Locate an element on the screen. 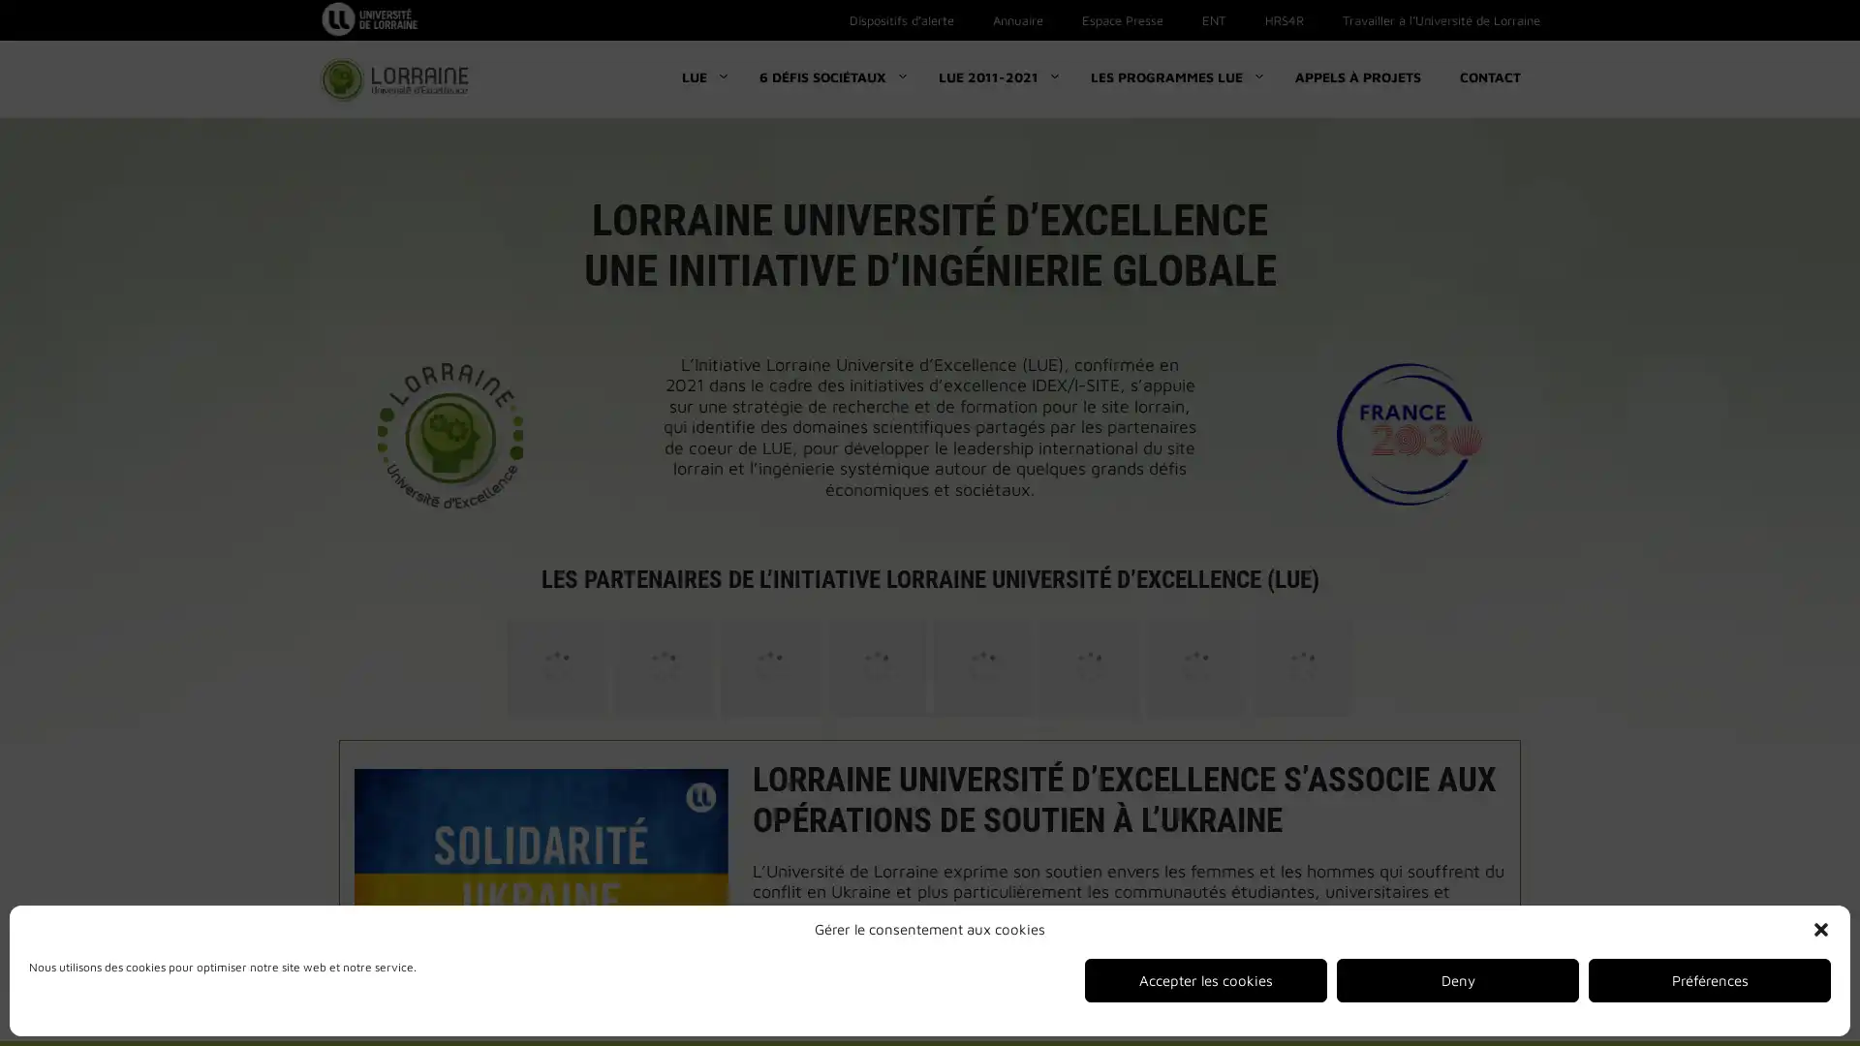 This screenshot has width=1860, height=1046. close-dialog is located at coordinates (1820, 929).